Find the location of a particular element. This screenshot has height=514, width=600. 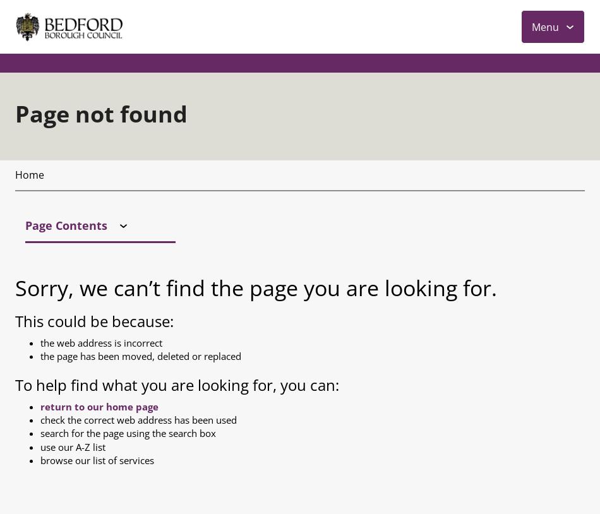

'This could be because:' is located at coordinates (94, 52).